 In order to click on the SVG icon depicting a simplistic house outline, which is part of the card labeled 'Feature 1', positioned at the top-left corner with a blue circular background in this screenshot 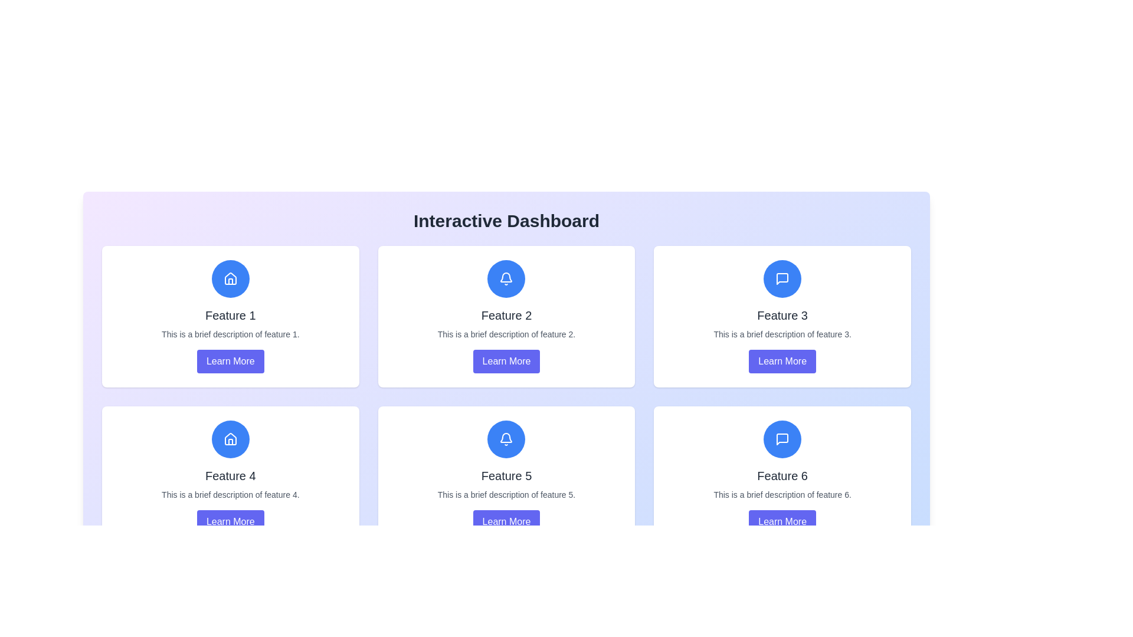, I will do `click(230, 279)`.